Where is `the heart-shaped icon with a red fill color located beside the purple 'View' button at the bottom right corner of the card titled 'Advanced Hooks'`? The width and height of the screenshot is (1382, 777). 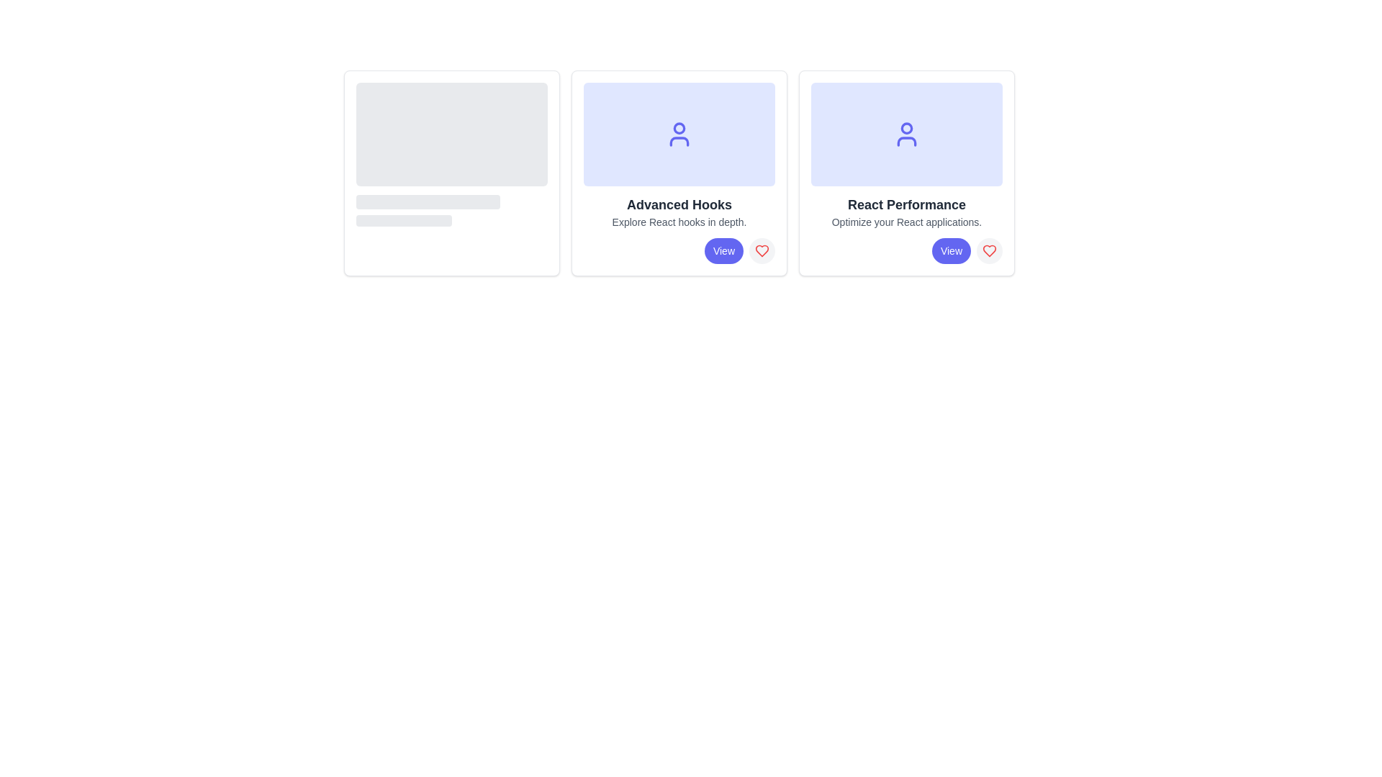
the heart-shaped icon with a red fill color located beside the purple 'View' button at the bottom right corner of the card titled 'Advanced Hooks' is located at coordinates (762, 250).